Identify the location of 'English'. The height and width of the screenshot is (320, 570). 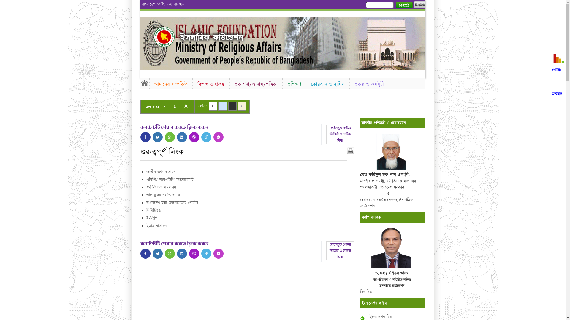
(419, 4).